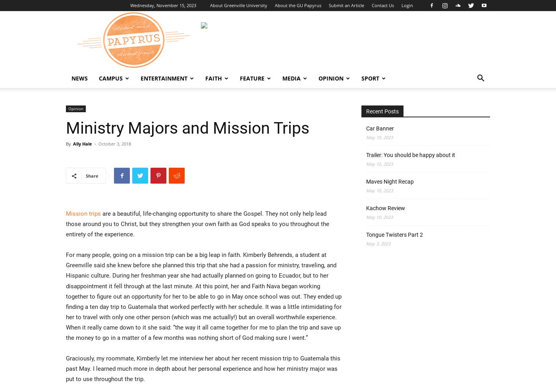  Describe the element at coordinates (270, 40) in the screenshot. I see `'Search'` at that location.